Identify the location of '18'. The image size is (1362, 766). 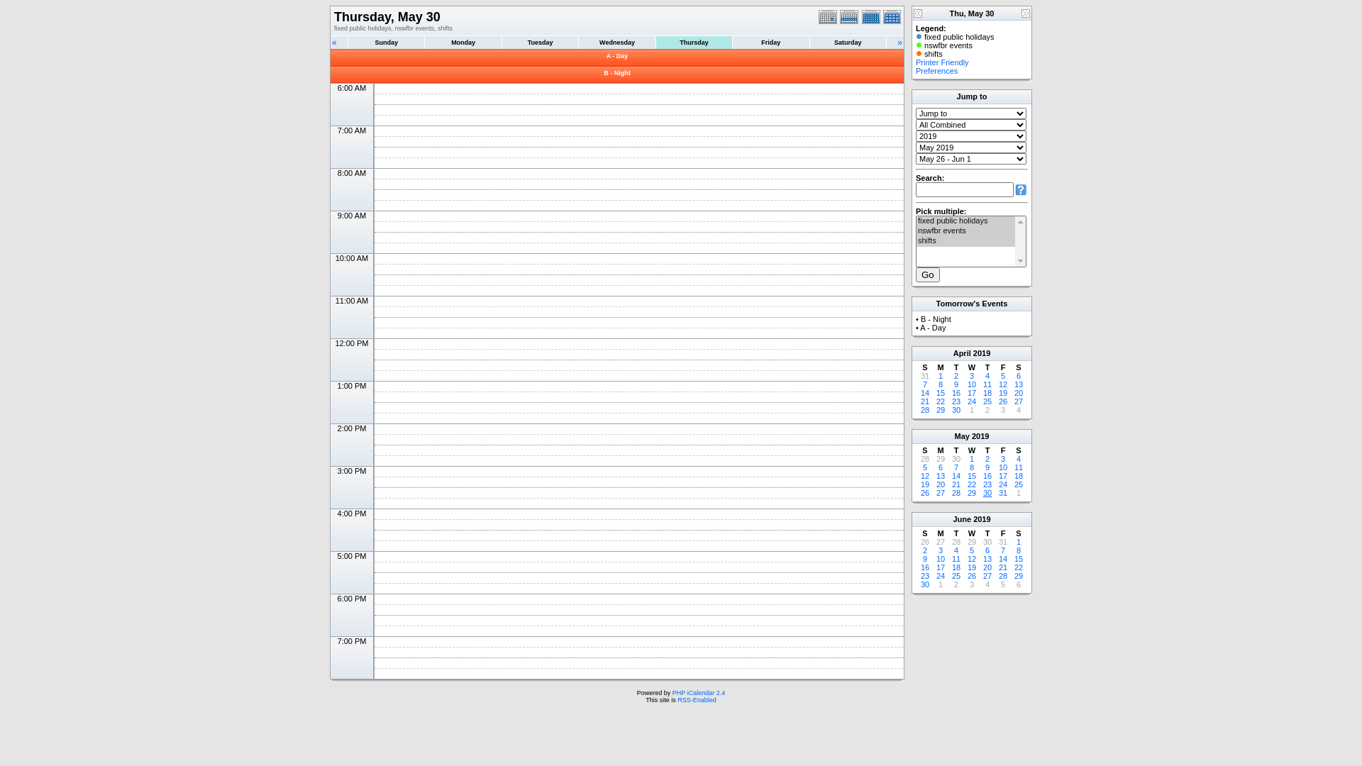
(1017, 476).